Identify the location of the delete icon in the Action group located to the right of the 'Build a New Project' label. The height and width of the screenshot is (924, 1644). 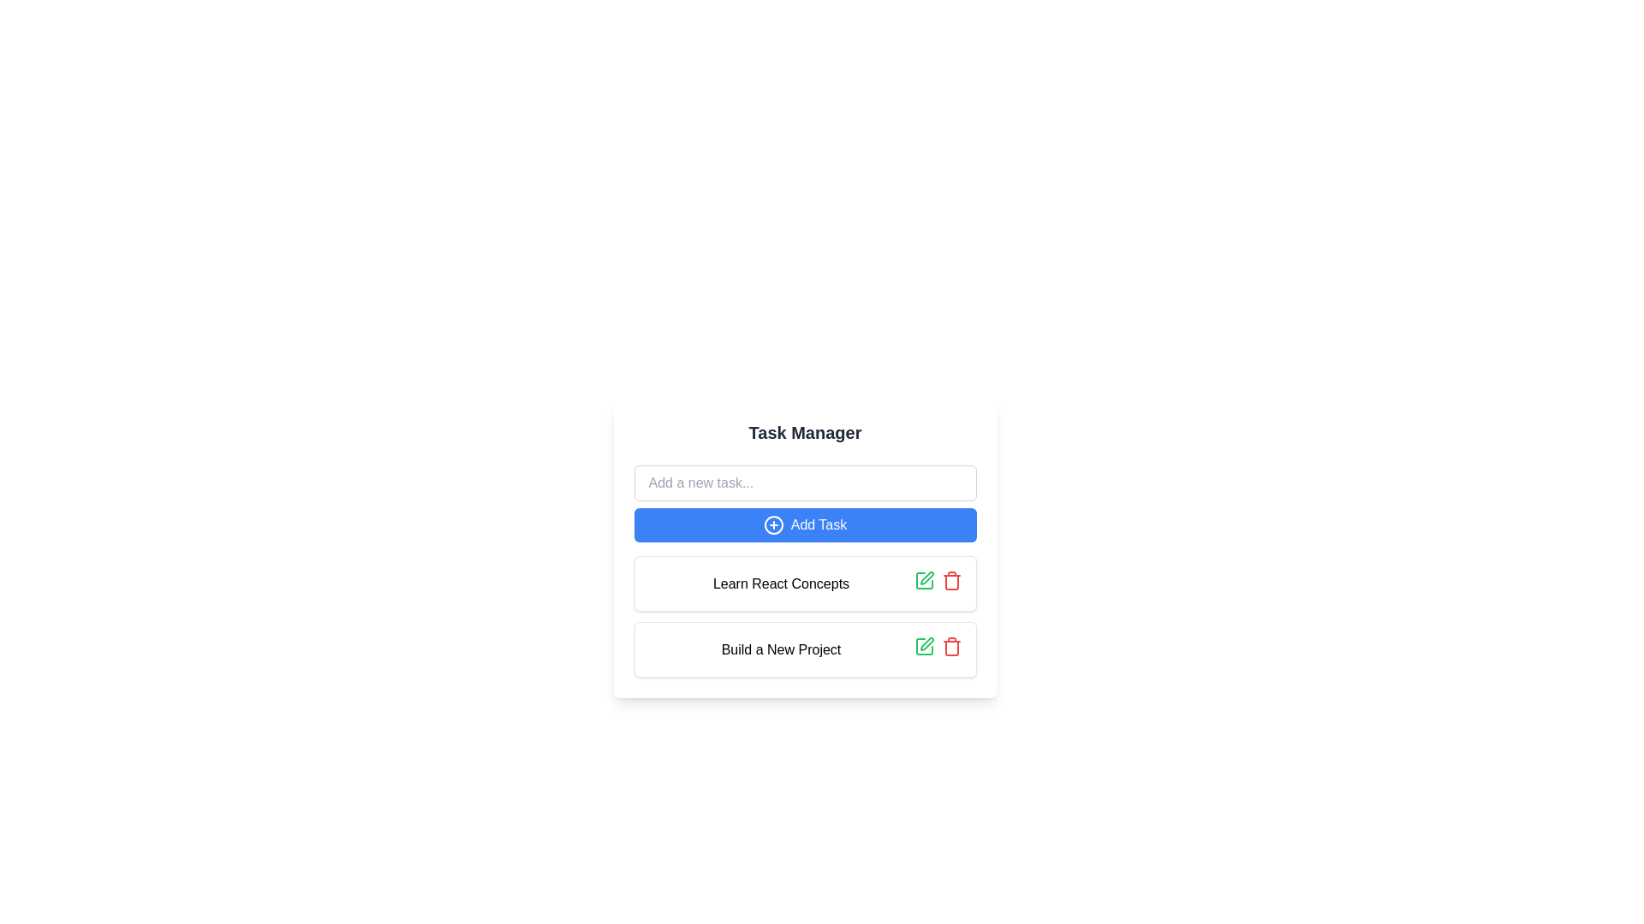
(937, 649).